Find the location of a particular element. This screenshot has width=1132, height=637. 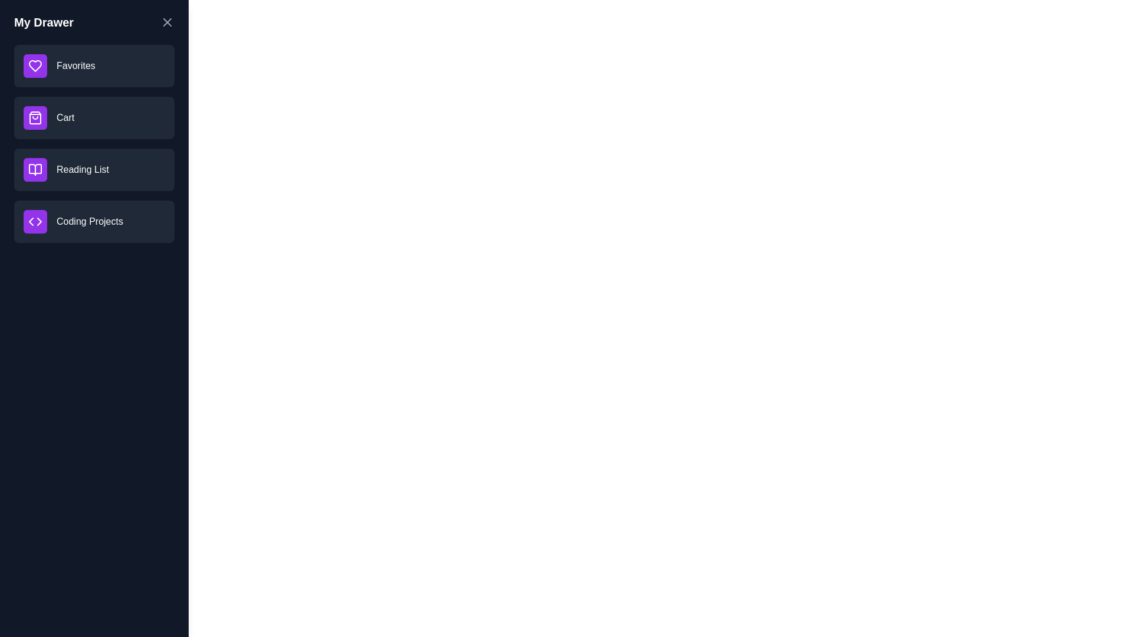

the item Cart to reveal its hover effect is located at coordinates (93, 118).